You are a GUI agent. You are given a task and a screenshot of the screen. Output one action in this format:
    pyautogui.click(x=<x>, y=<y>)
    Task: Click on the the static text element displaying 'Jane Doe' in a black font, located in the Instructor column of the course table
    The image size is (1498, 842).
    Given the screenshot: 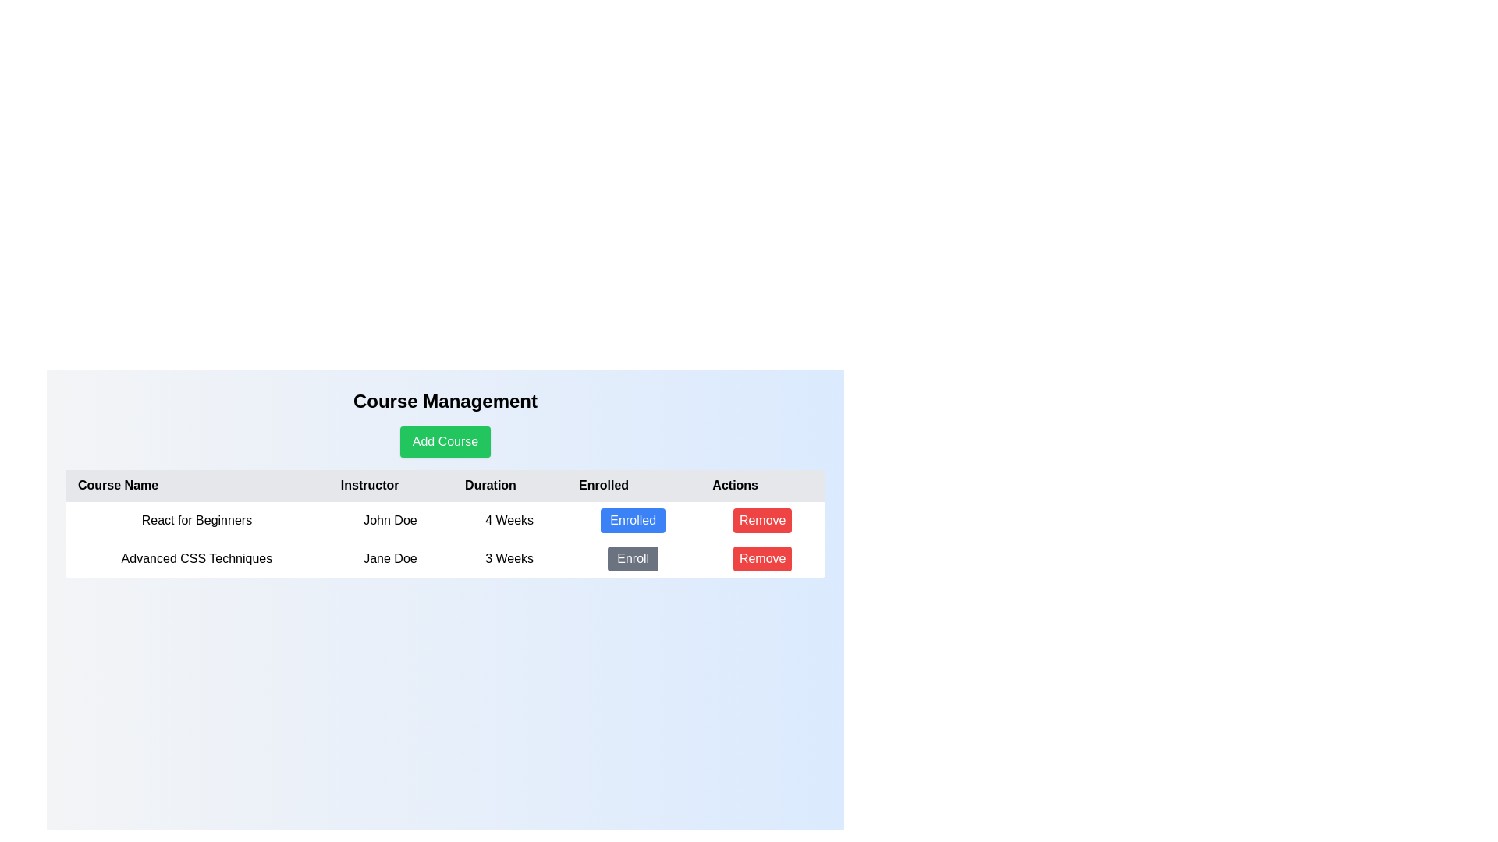 What is the action you would take?
    pyautogui.click(x=390, y=557)
    